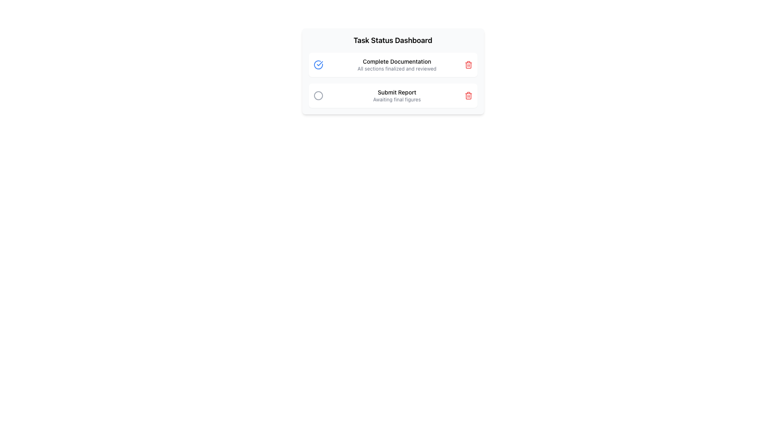  What do you see at coordinates (318, 95) in the screenshot?
I see `the icon indicating the status or type of task associated with the 'Submit Report' entry, located on the left side of the 'Submit Report' text in the task list` at bounding box center [318, 95].